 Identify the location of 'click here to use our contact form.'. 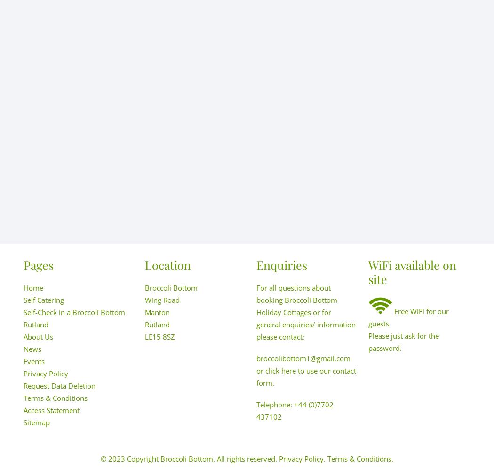
(306, 377).